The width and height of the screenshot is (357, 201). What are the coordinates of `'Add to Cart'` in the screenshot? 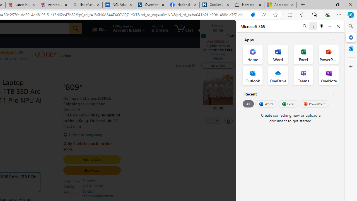 It's located at (92, 159).